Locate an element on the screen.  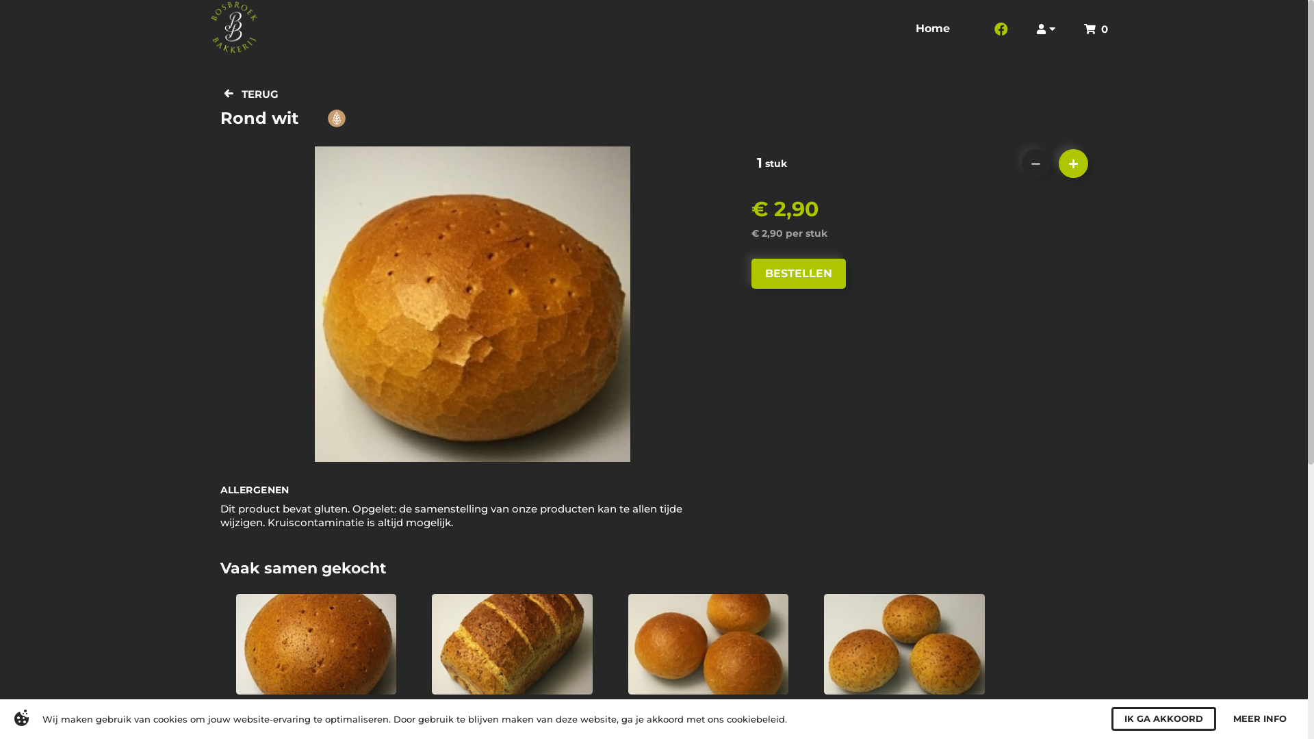
'I AGREE' is located at coordinates (1188, 718).